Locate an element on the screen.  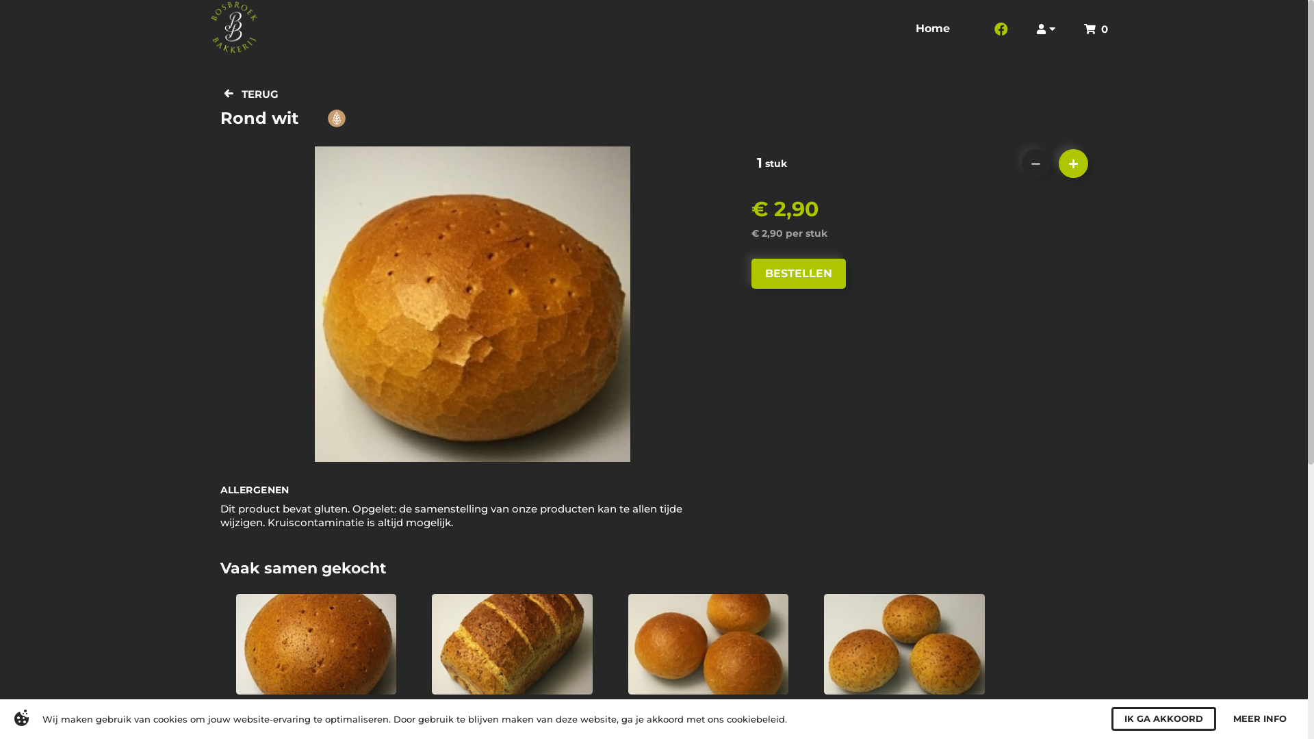
'I AGREE' is located at coordinates (1188, 718).